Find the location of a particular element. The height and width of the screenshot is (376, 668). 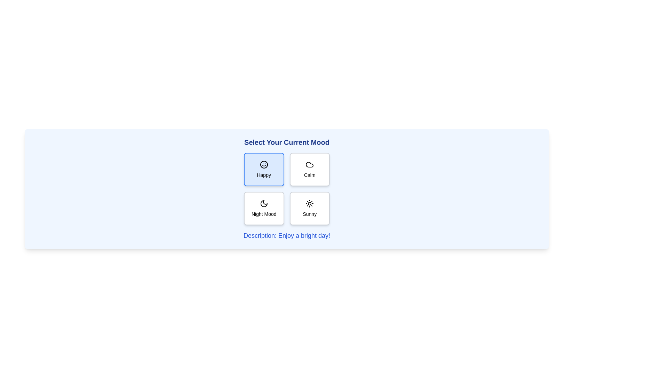

the mood button labeled Calm is located at coordinates (309, 169).